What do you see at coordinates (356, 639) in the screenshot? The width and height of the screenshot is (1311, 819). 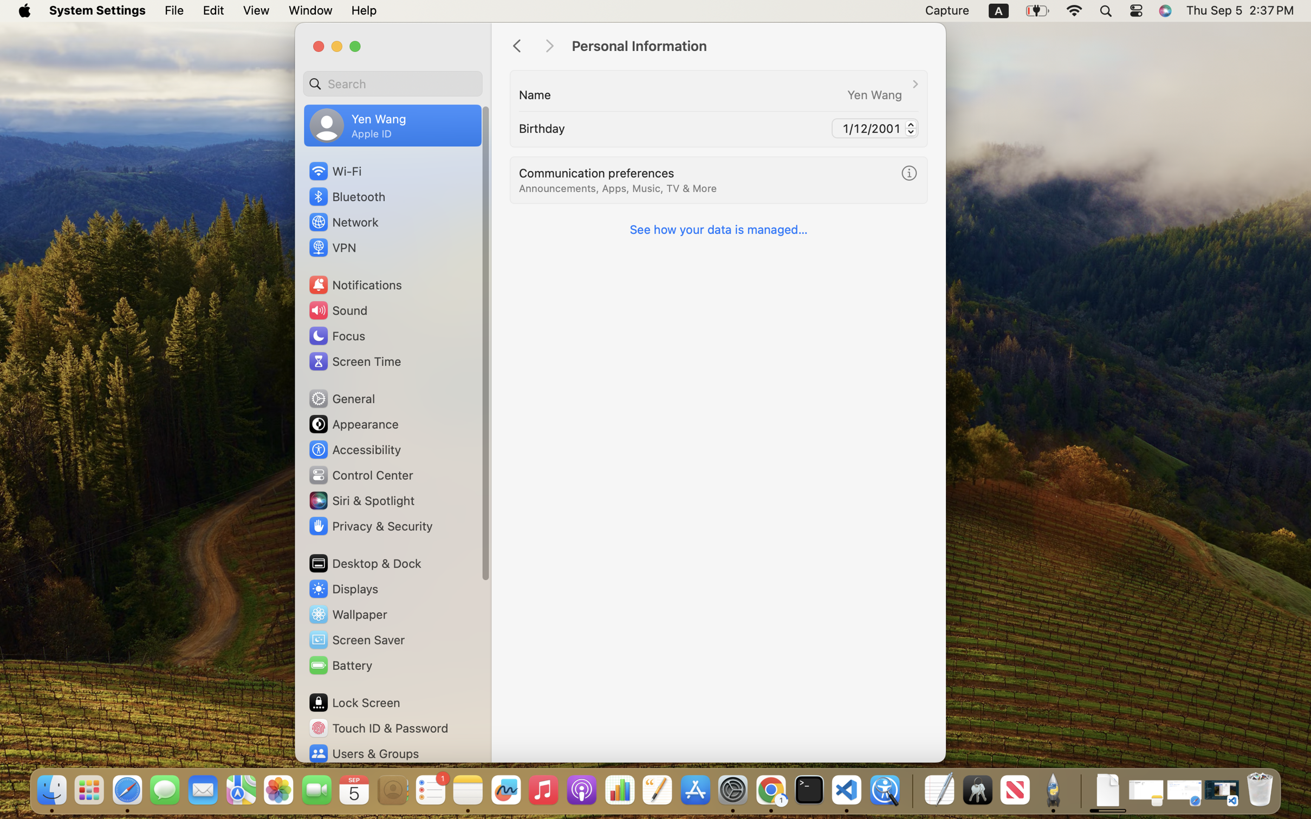 I see `'Screen Saver'` at bounding box center [356, 639].